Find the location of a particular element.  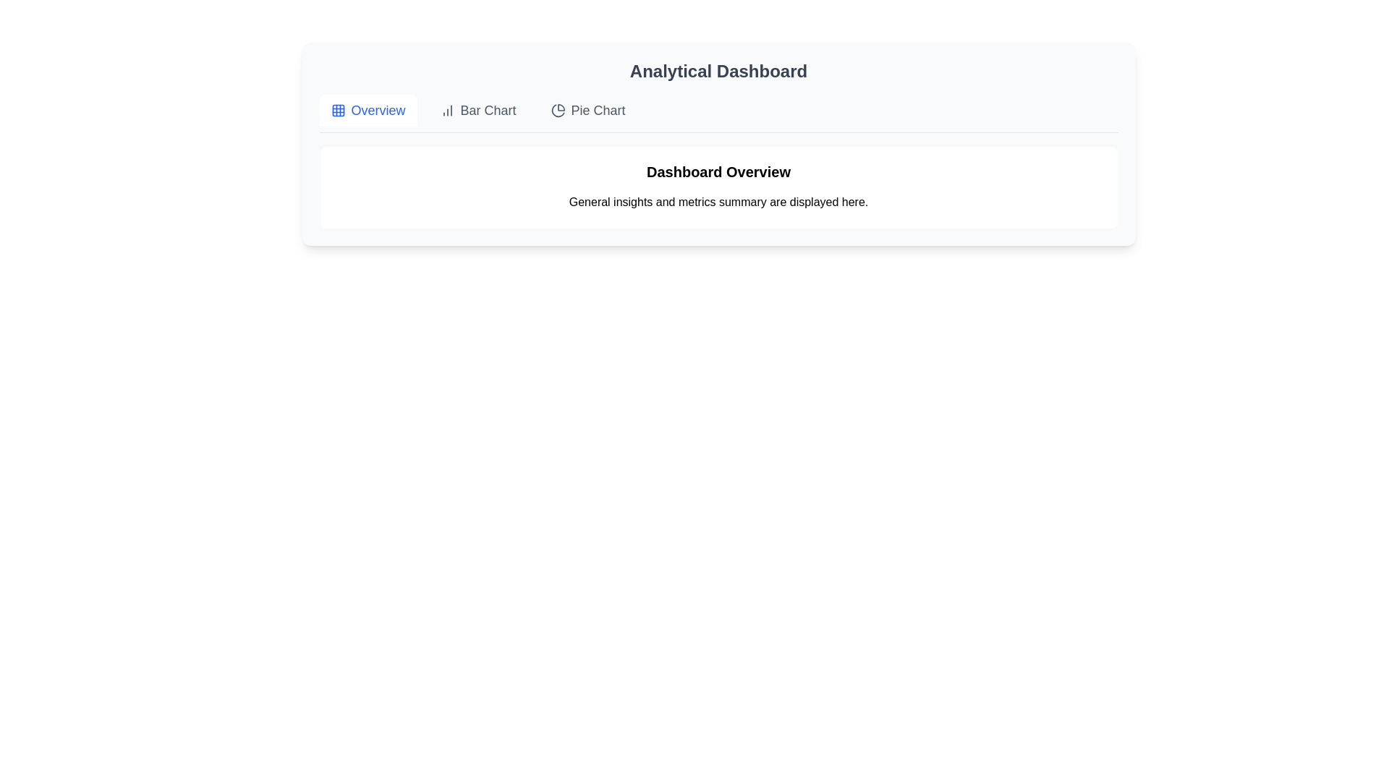

the visual state of the sub-section of the grid icon located at the upper left corner of the grid-like icon in the navigation bar, which is styled in blue is located at coordinates (337, 110).